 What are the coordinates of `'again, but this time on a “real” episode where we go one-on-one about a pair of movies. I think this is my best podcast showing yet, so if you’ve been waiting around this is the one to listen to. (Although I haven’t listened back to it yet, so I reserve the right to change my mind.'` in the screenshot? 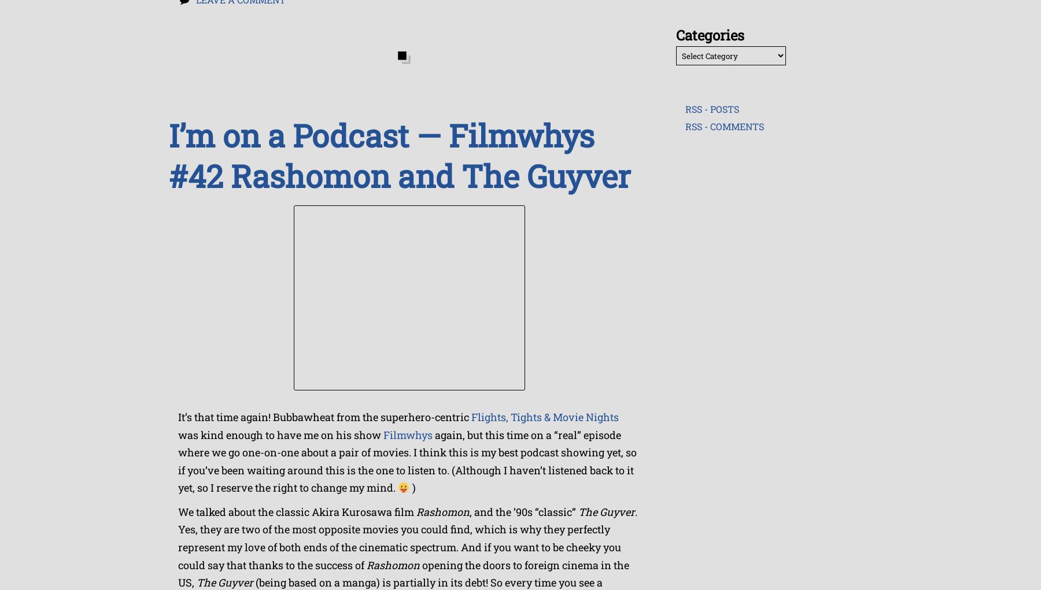 It's located at (407, 460).